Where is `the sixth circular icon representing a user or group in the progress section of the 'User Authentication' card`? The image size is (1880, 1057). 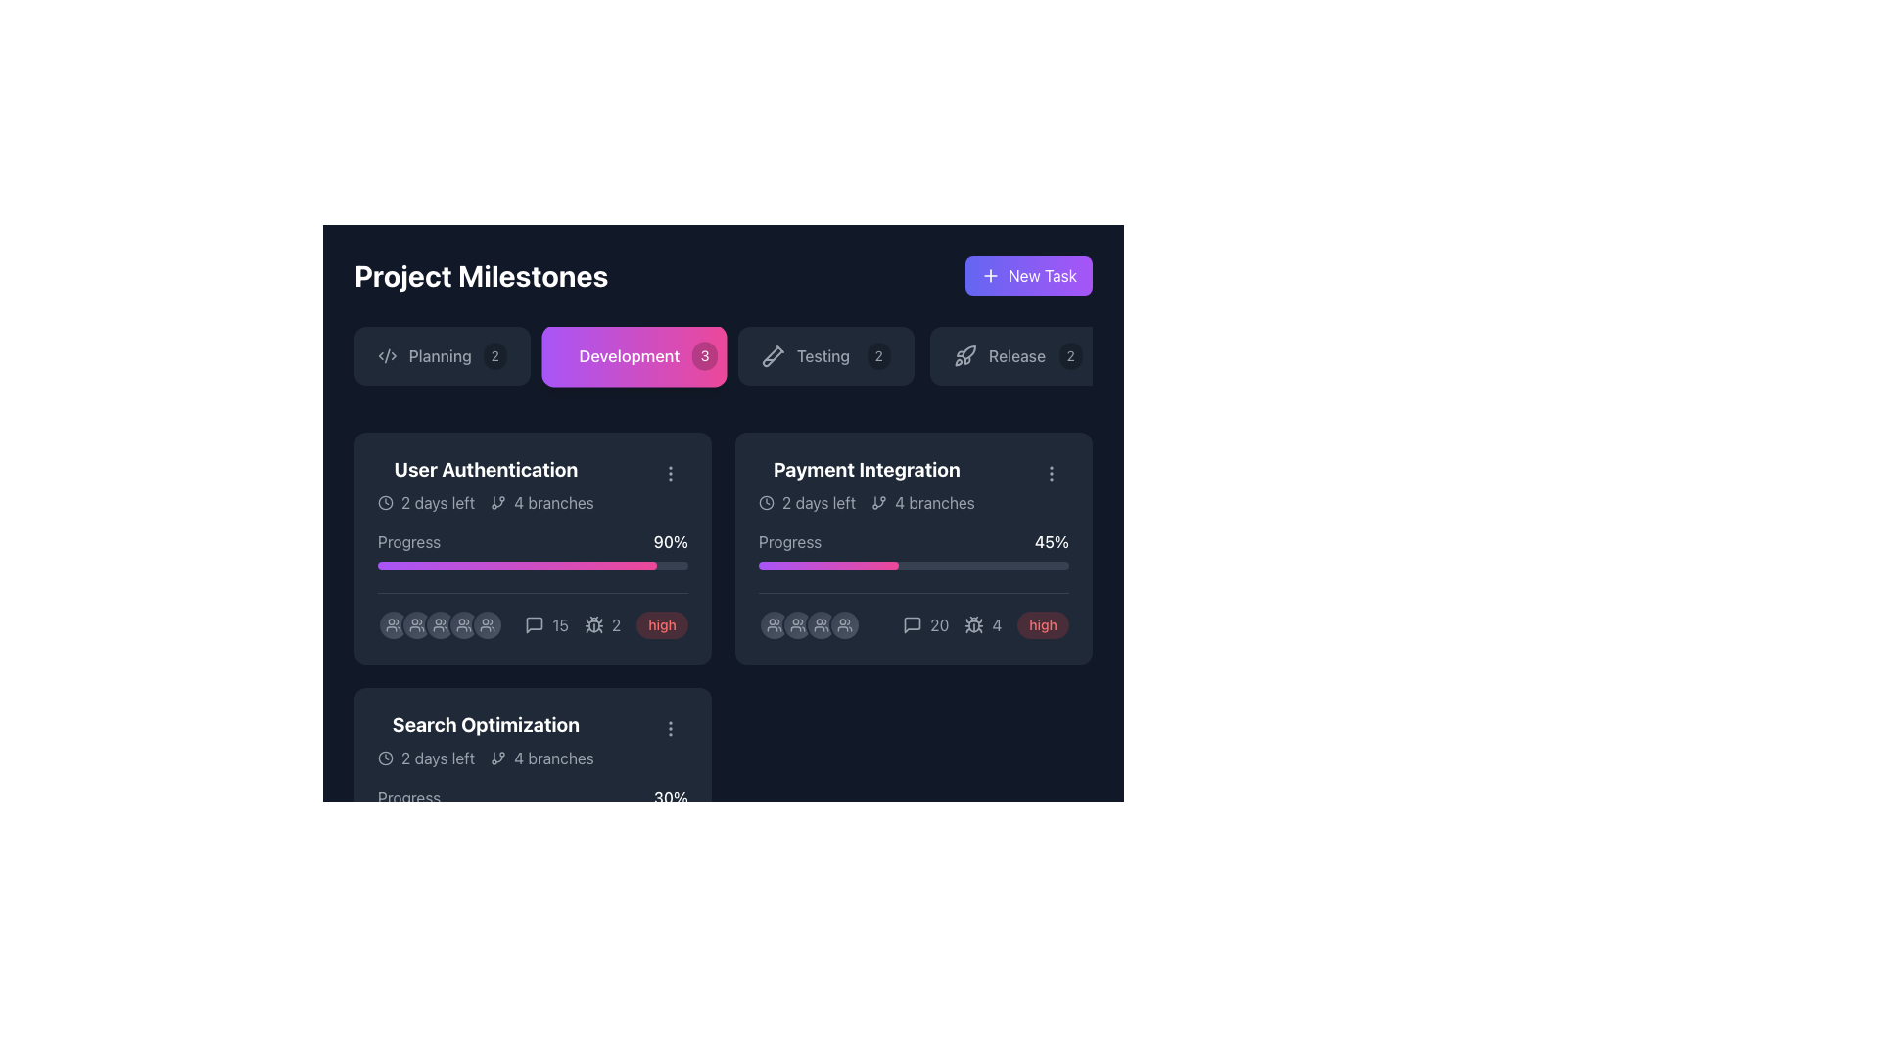
the sixth circular icon representing a user or group in the progress section of the 'User Authentication' card is located at coordinates (488, 625).